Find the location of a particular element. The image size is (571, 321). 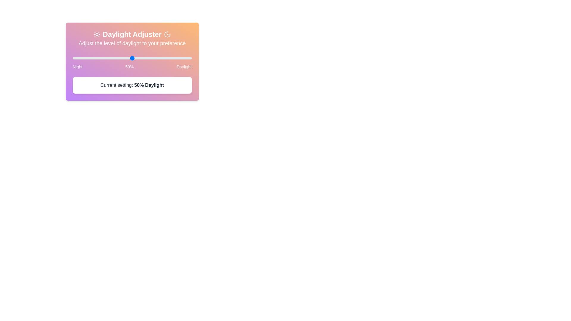

the slider to set the daylight level to 97% is located at coordinates (72, 58).